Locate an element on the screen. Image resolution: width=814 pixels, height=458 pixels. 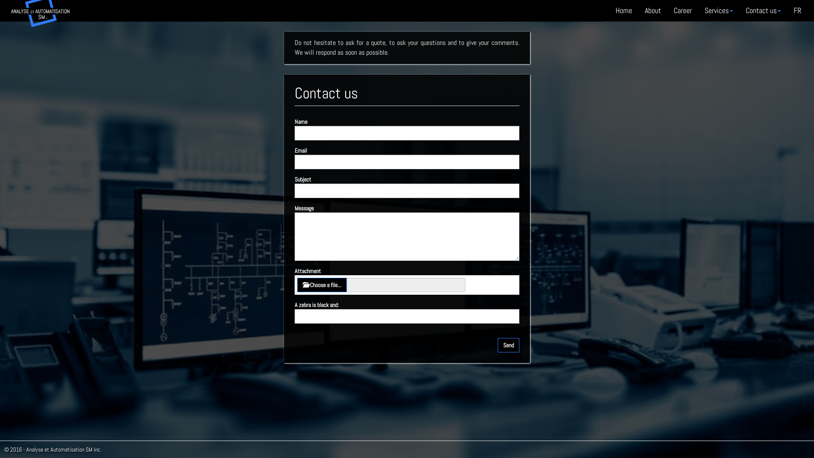
'Home' is located at coordinates (624, 10).